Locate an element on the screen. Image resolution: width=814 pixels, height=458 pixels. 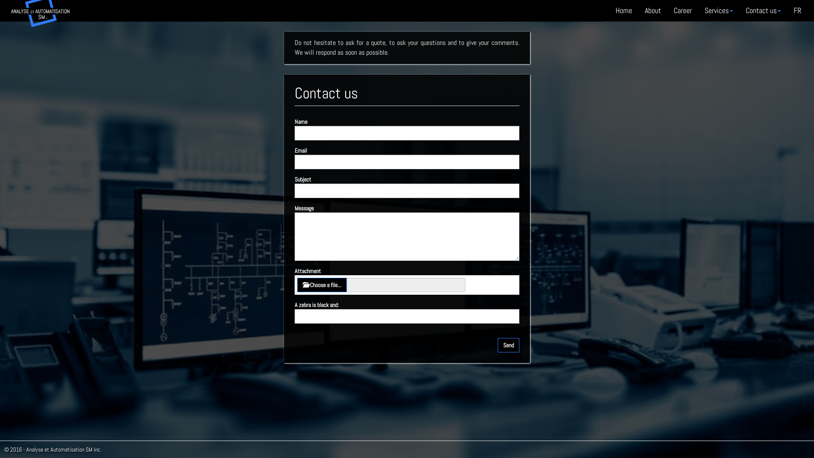
'Home' is located at coordinates (624, 10).